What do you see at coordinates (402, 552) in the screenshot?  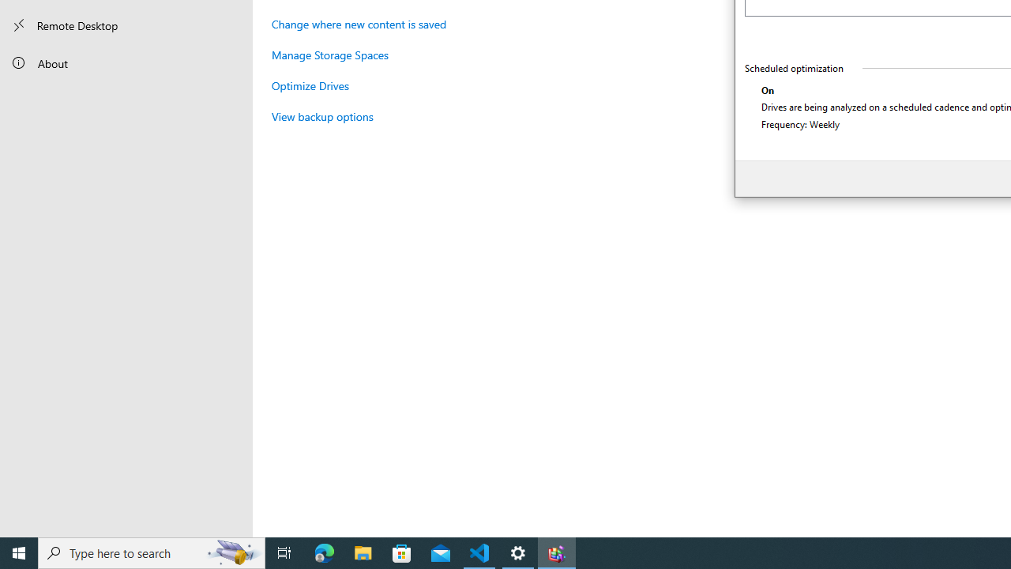 I see `'Microsoft Store'` at bounding box center [402, 552].